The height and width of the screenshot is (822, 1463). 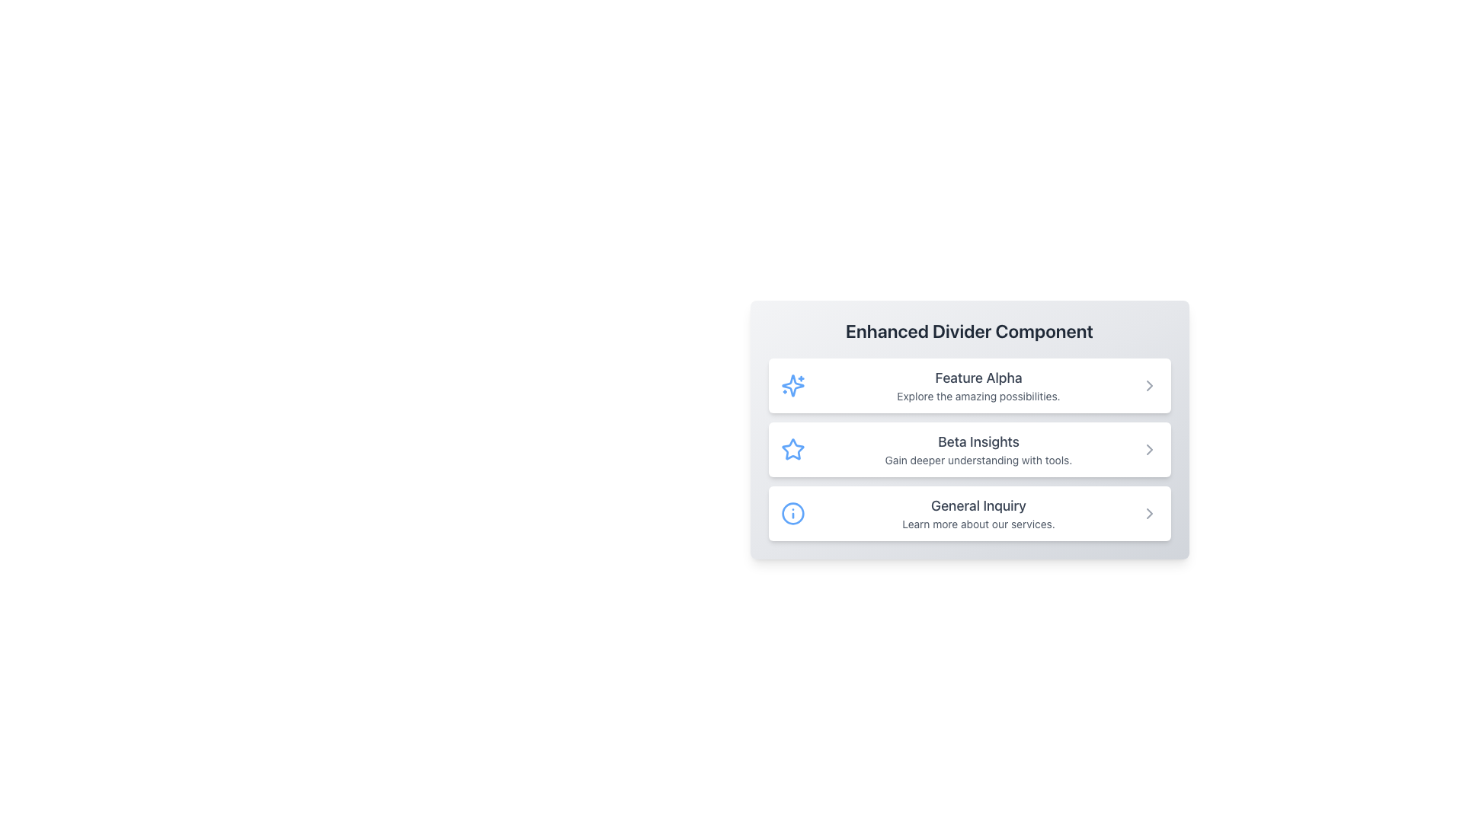 What do you see at coordinates (1149, 514) in the screenshot?
I see `the chevron icon button located in the last row of the card, to the far right of the 'General Inquiry' text` at bounding box center [1149, 514].